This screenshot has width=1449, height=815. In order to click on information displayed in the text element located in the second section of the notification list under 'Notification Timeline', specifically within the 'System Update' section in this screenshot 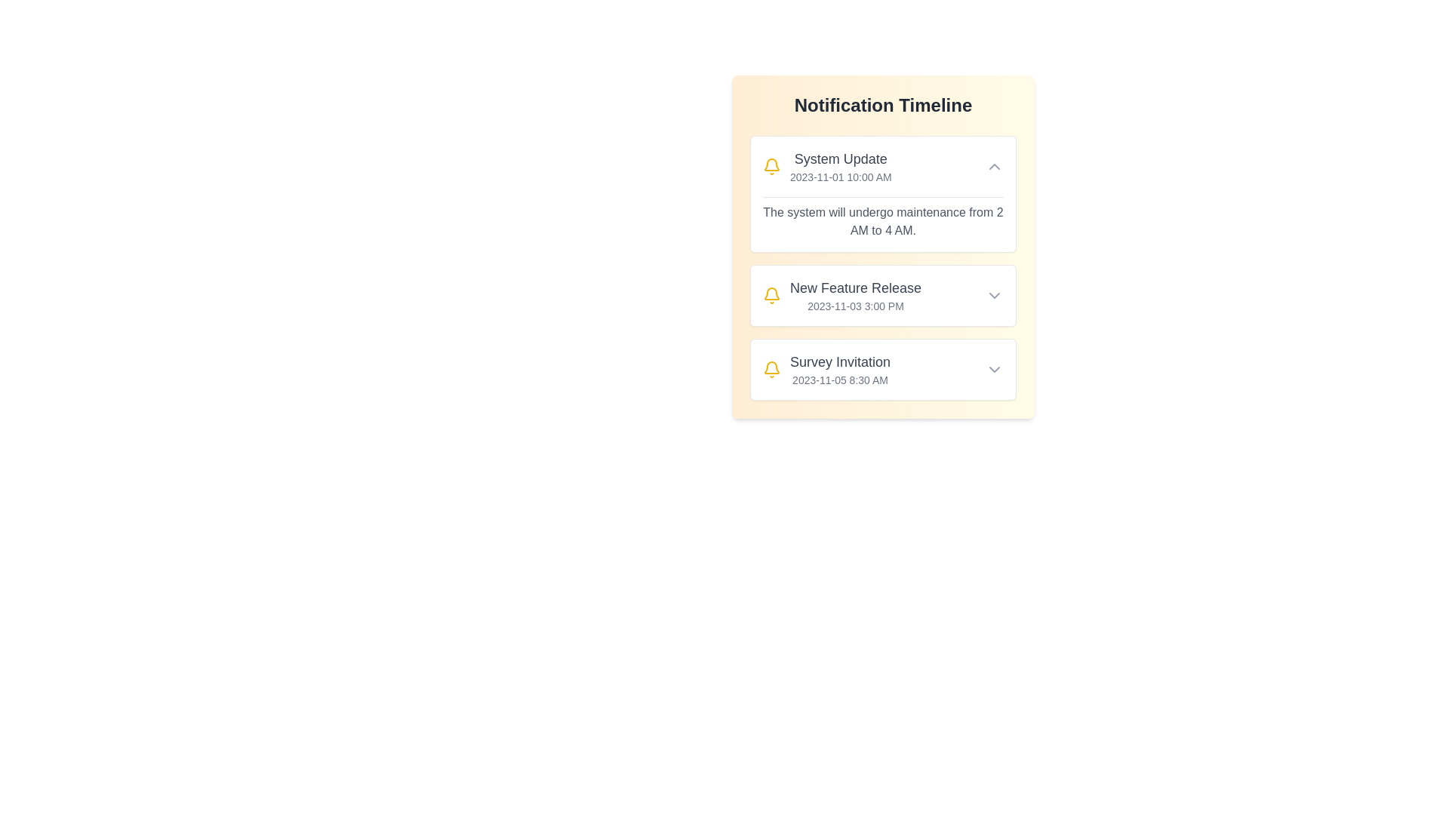, I will do `click(883, 221)`.